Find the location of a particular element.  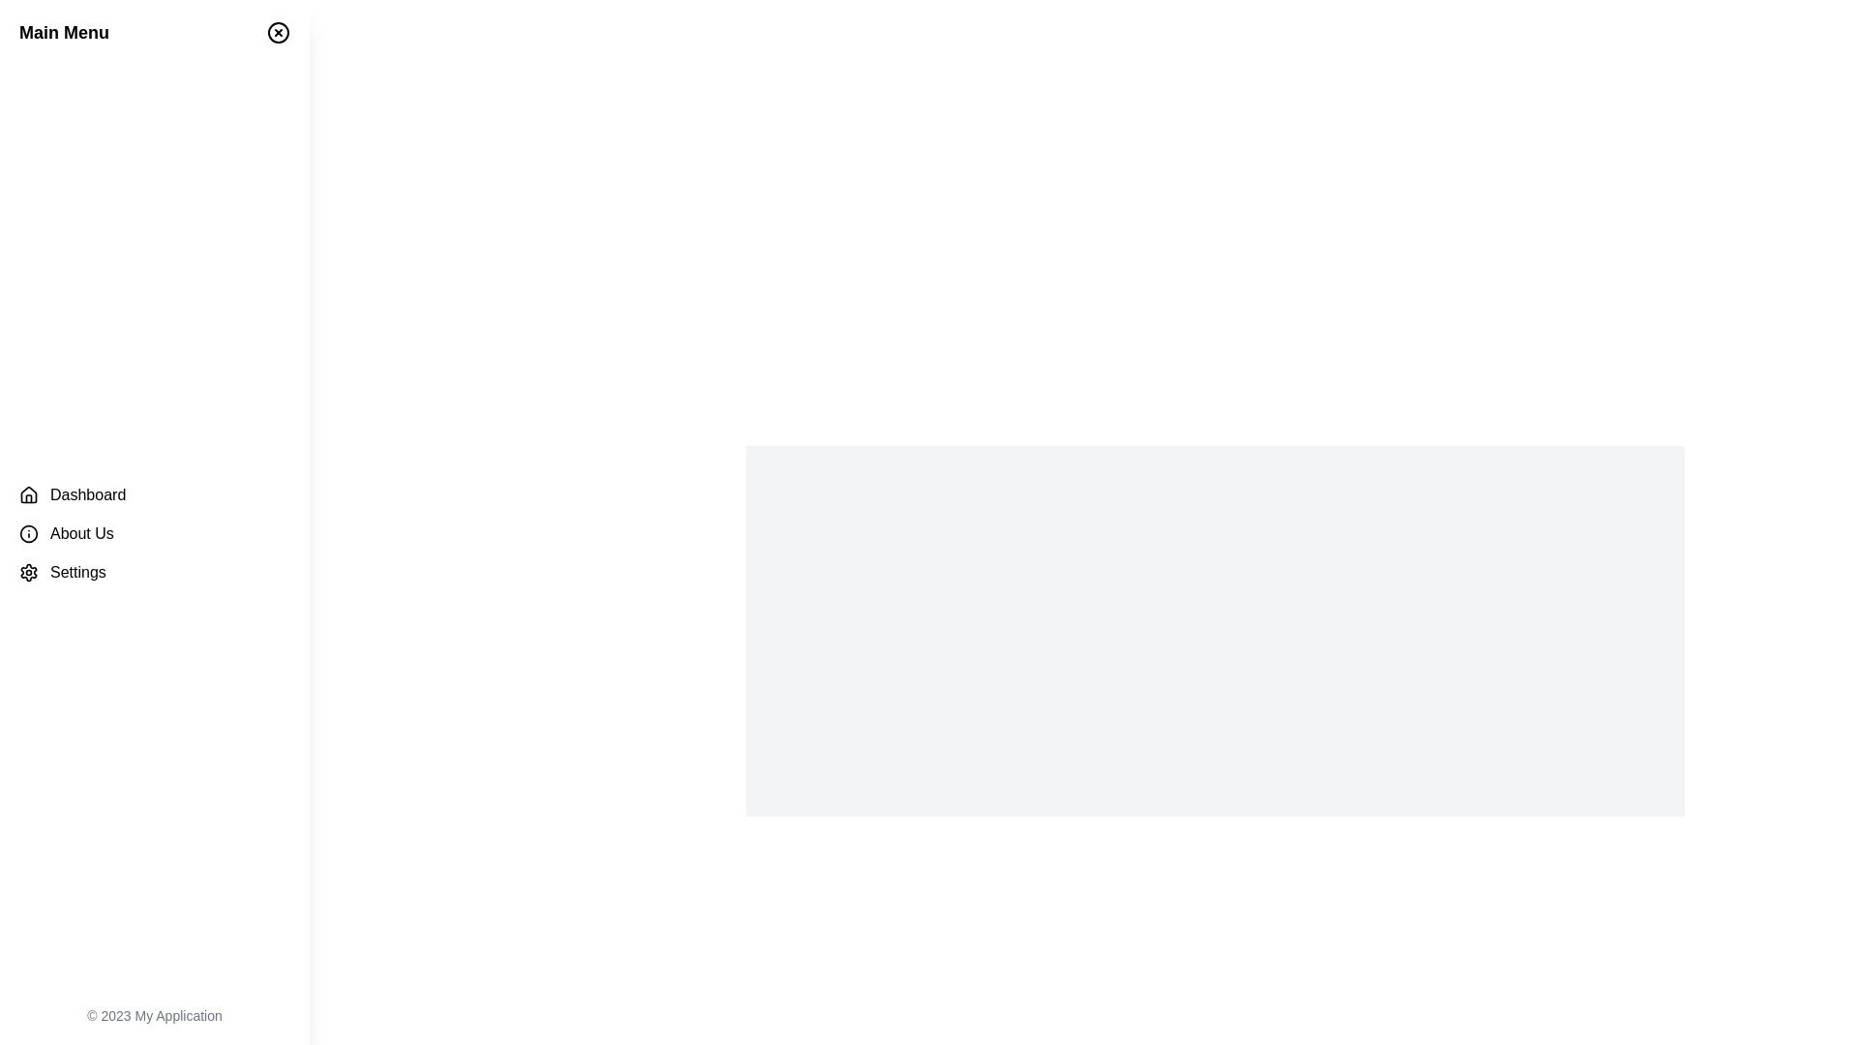

the 'About Us' text label in the sidebar navigation is located at coordinates (80, 533).